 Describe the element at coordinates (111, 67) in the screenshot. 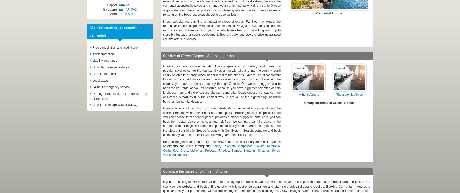

I see `'Unlimited miles in rental car'` at that location.